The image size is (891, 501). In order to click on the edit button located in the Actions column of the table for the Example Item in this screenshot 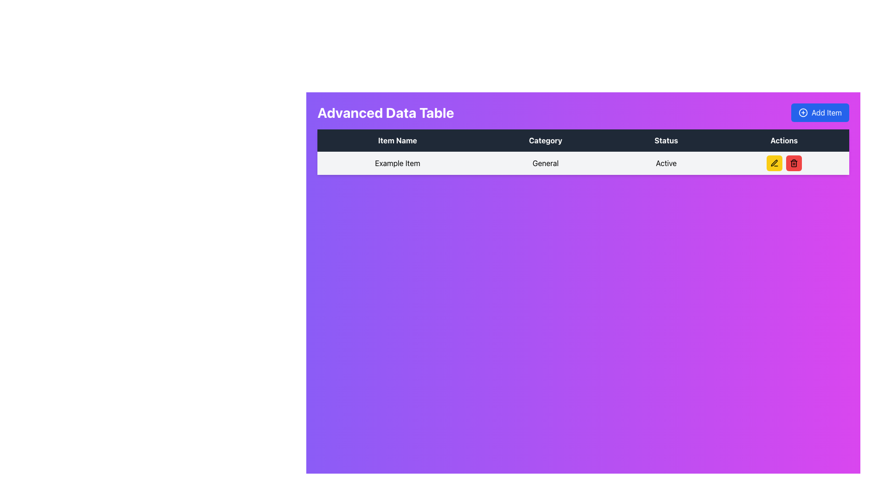, I will do `click(774, 162)`.